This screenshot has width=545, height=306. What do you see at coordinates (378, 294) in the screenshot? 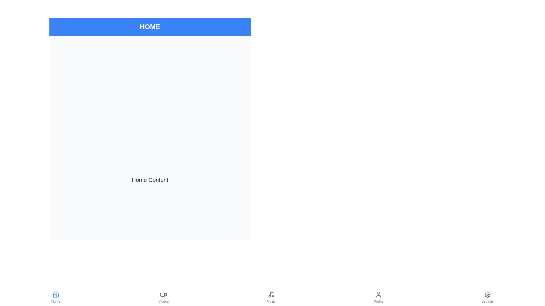
I see `the user profile icon located in the bottom navigation bar, centered under the 'Profile' label` at bounding box center [378, 294].